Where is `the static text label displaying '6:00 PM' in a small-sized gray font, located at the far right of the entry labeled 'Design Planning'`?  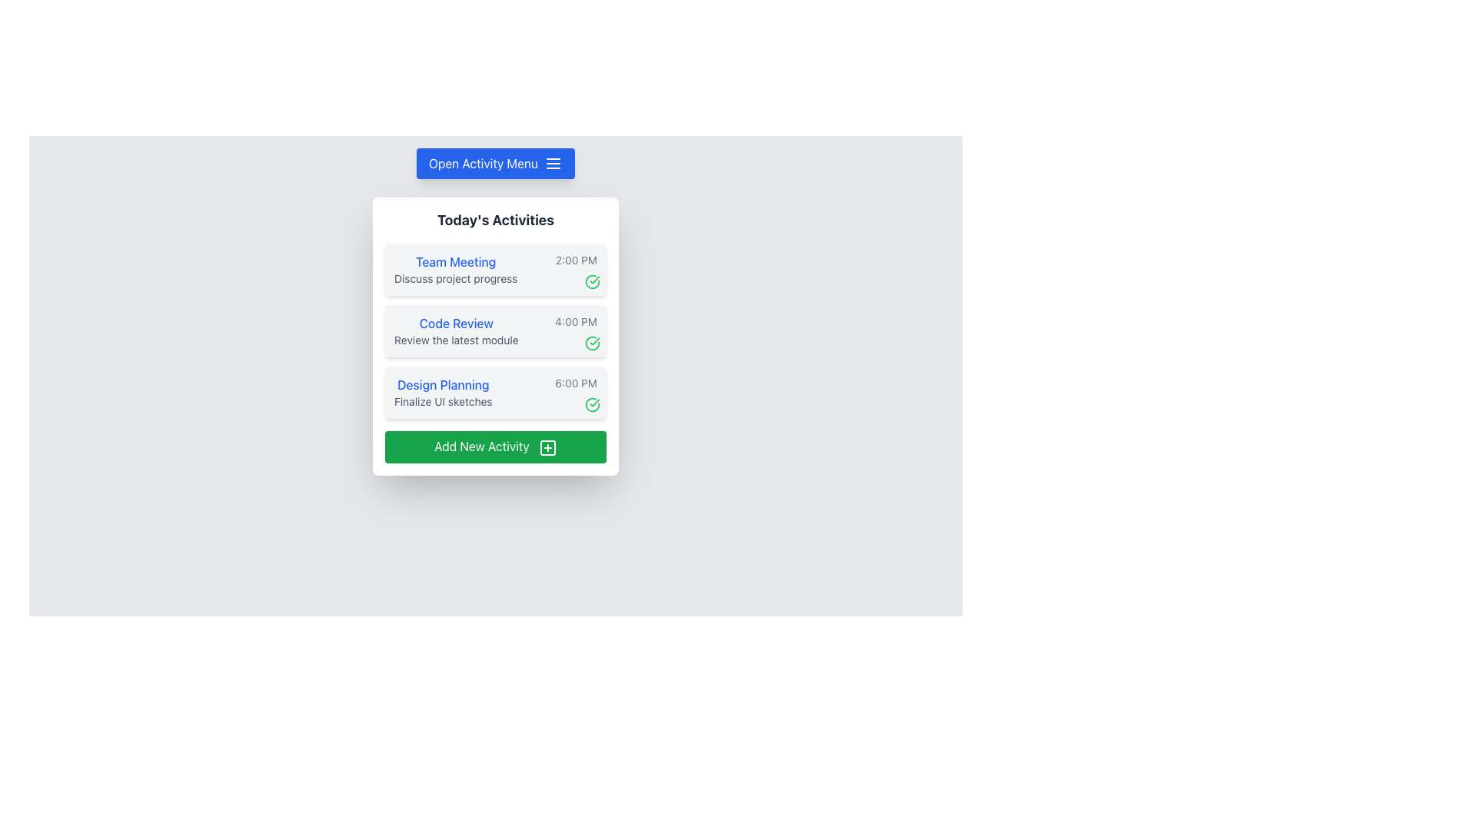 the static text label displaying '6:00 PM' in a small-sized gray font, located at the far right of the entry labeled 'Design Planning' is located at coordinates (575, 382).